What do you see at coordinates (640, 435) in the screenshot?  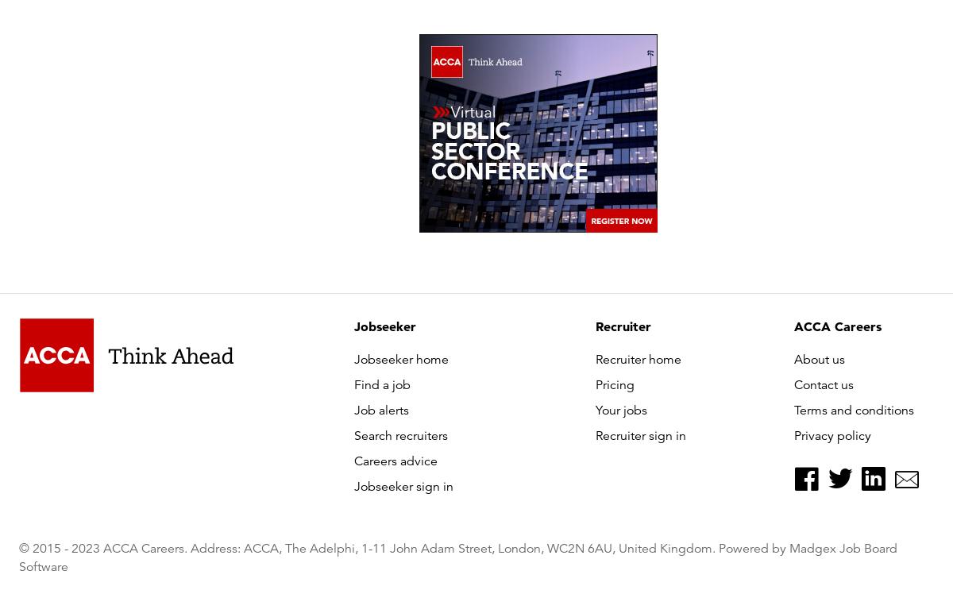 I see `'Recruiter sign in'` at bounding box center [640, 435].